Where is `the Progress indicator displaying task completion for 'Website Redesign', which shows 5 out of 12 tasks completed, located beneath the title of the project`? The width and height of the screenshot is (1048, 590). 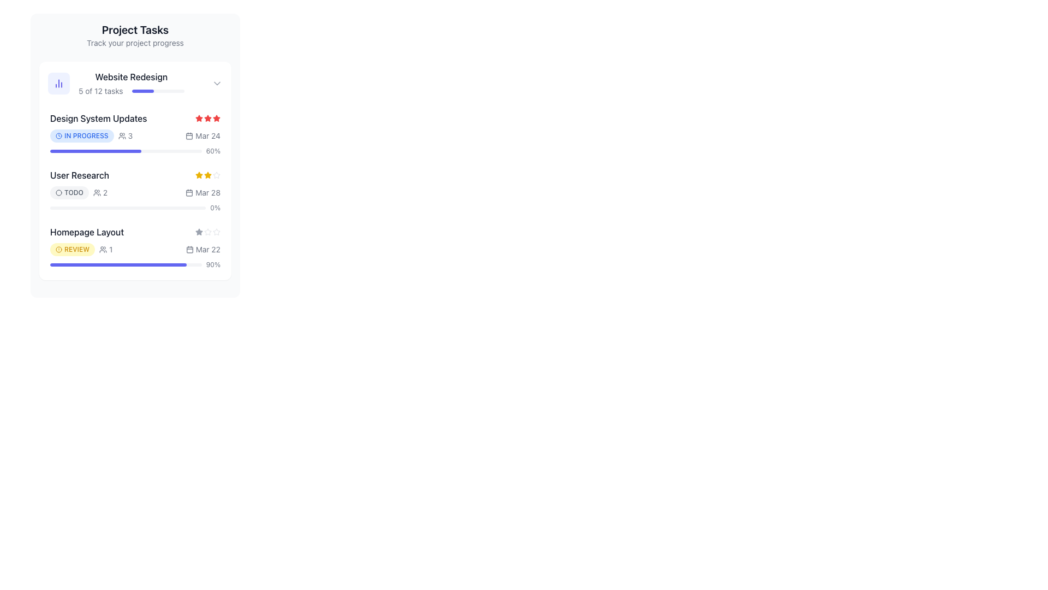 the Progress indicator displaying task completion for 'Website Redesign', which shows 5 out of 12 tasks completed, located beneath the title of the project is located at coordinates (131, 90).